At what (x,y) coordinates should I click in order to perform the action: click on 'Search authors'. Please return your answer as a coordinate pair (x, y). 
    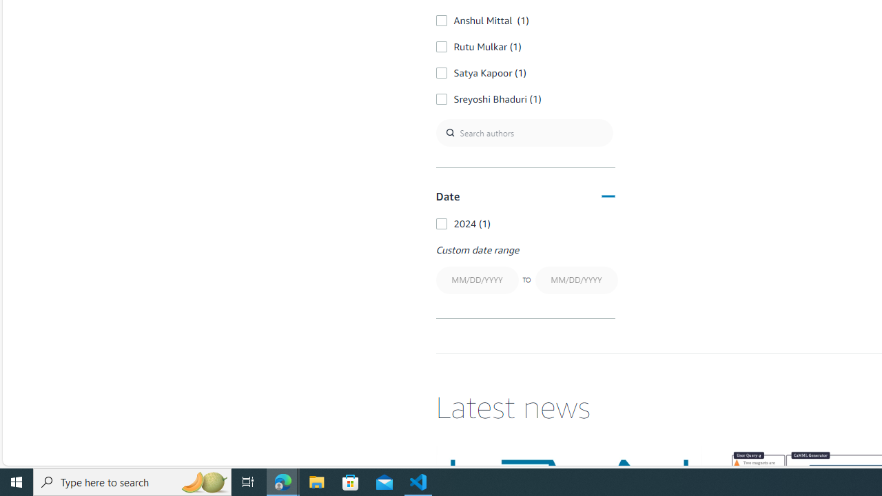
    Looking at the image, I should click on (523, 132).